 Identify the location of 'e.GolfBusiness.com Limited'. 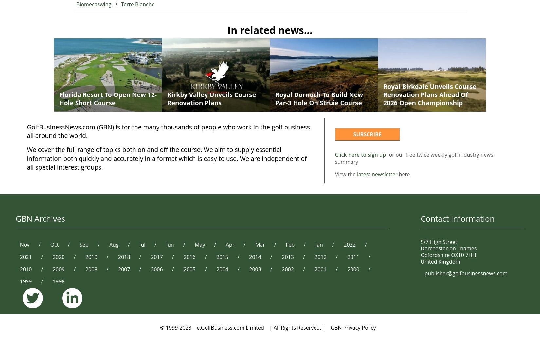
(230, 328).